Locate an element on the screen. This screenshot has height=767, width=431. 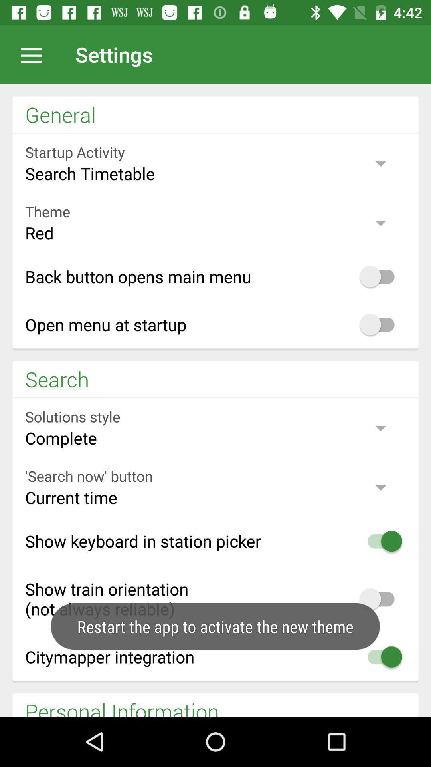
the text which is fourth option in general is located at coordinates (215, 324).